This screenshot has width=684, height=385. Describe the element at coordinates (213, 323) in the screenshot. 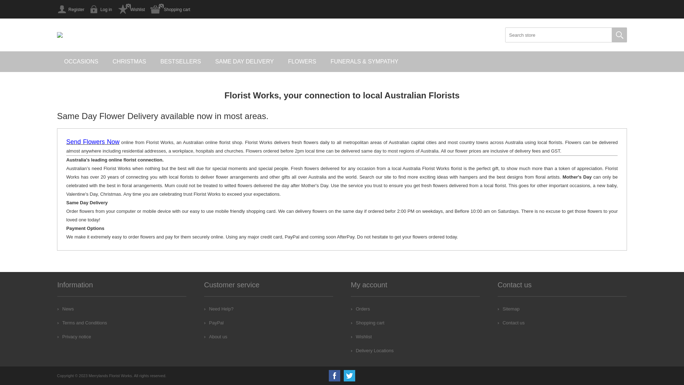

I see `'PayPal'` at that location.